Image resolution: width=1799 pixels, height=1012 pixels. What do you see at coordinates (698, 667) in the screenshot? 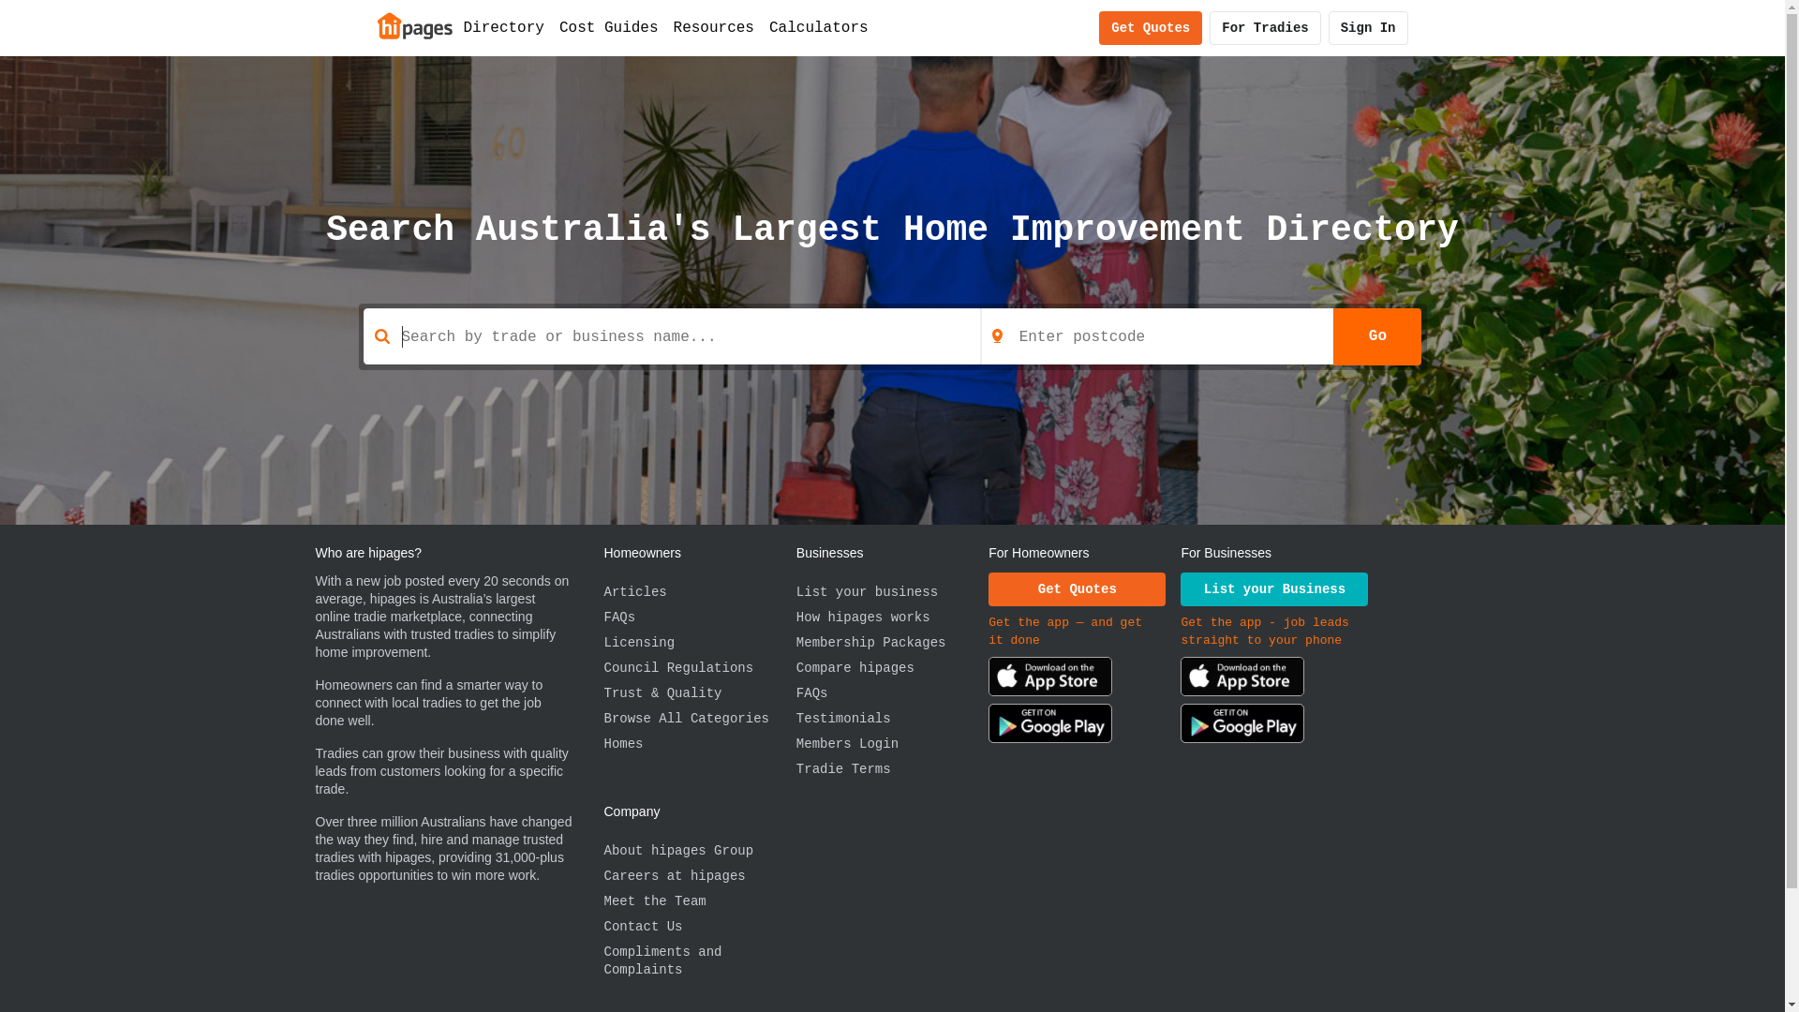
I see `'Council Regulations'` at bounding box center [698, 667].